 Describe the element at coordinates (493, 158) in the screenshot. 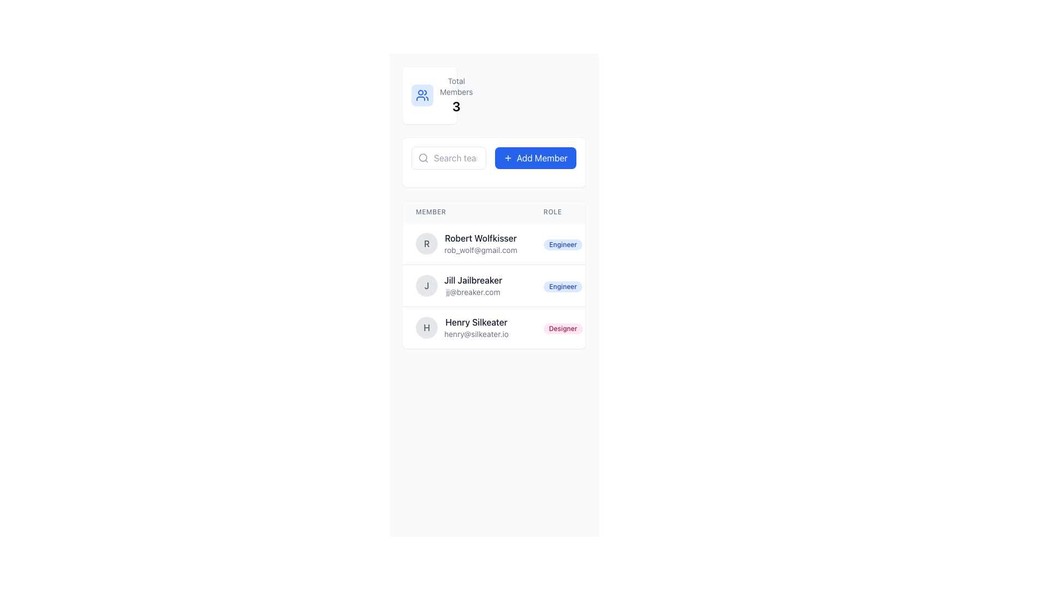

I see `the 'Add Member' button located in the upper-mid section of the interface, which has a blue background and a plus sign icon` at that location.